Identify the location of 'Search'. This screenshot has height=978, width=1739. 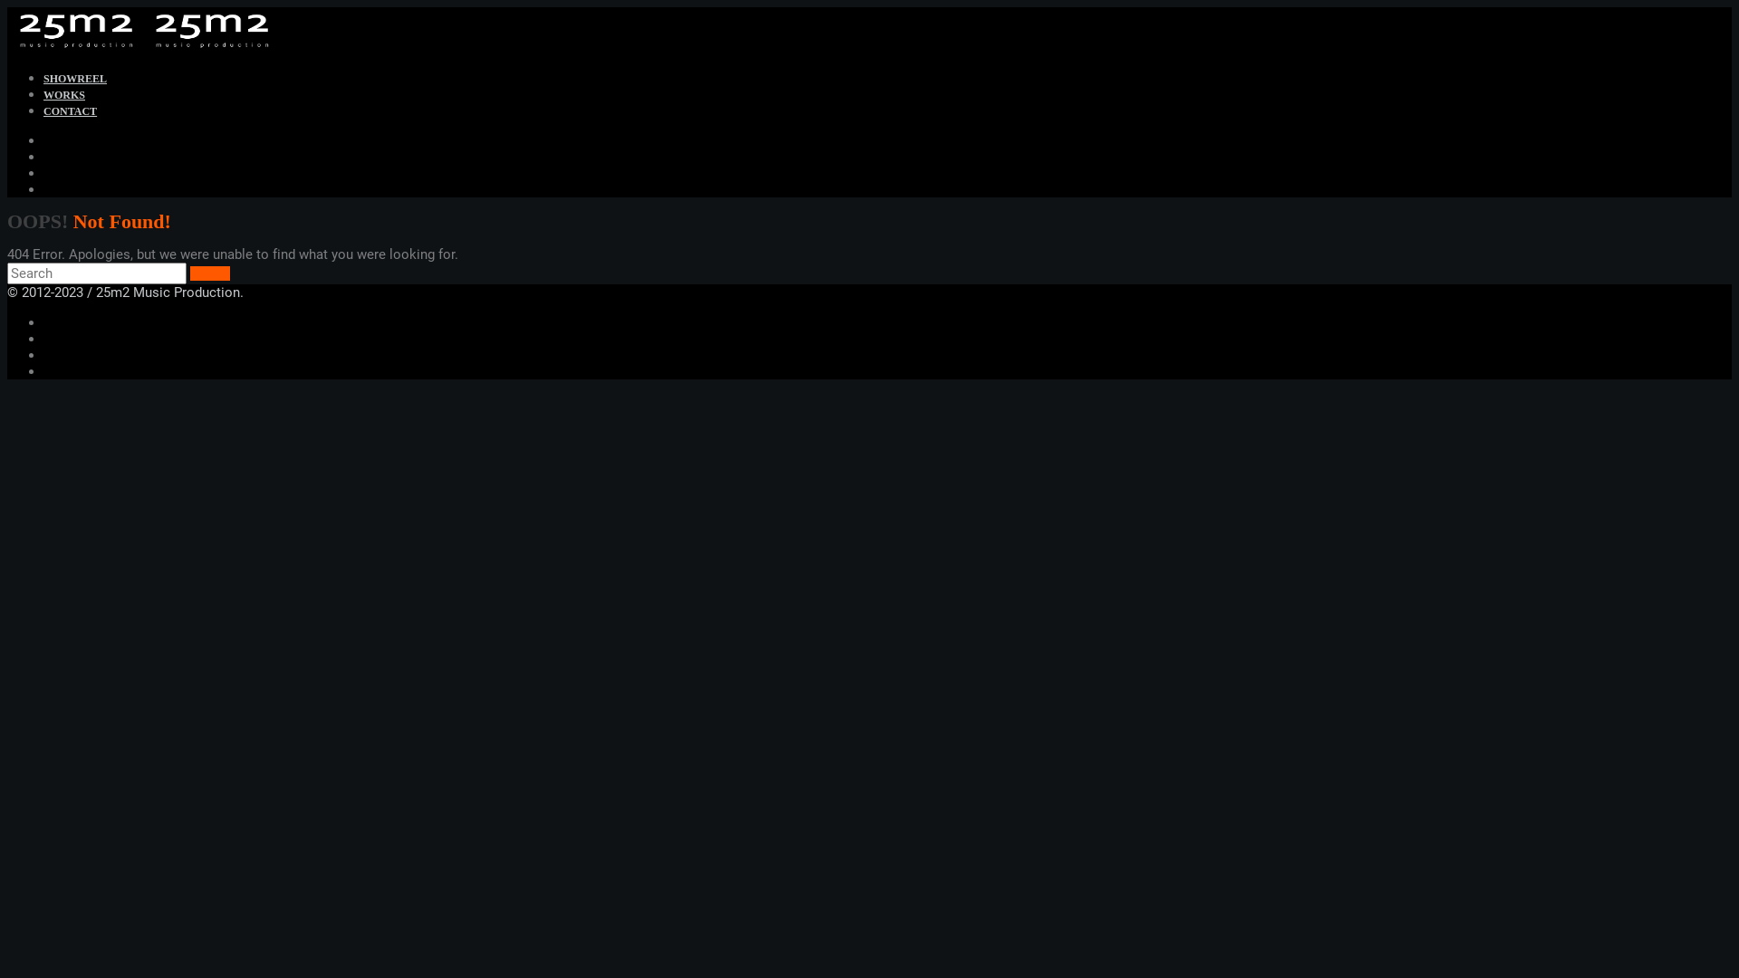
(209, 273).